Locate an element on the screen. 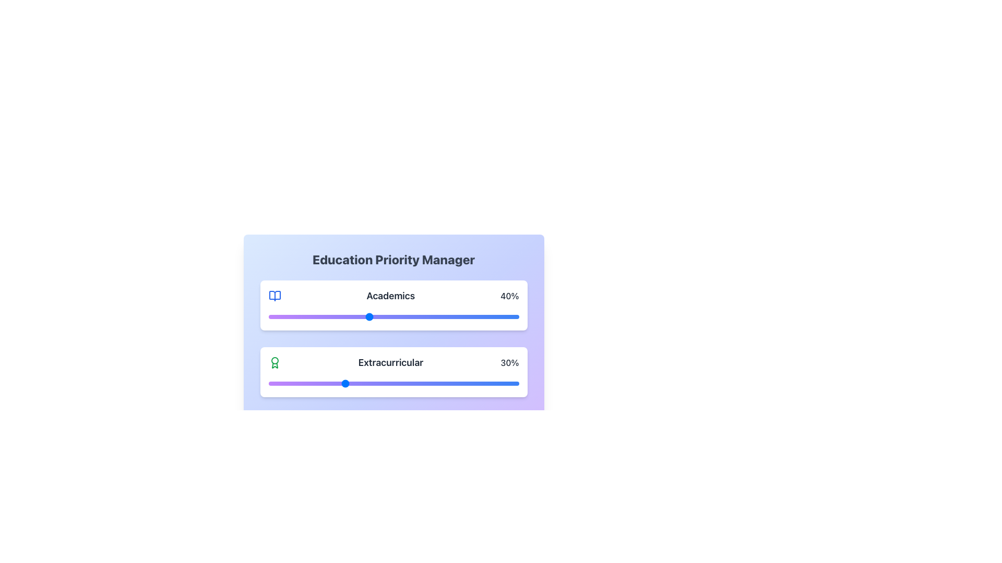 The image size is (1002, 563). the slider value is located at coordinates (386, 316).